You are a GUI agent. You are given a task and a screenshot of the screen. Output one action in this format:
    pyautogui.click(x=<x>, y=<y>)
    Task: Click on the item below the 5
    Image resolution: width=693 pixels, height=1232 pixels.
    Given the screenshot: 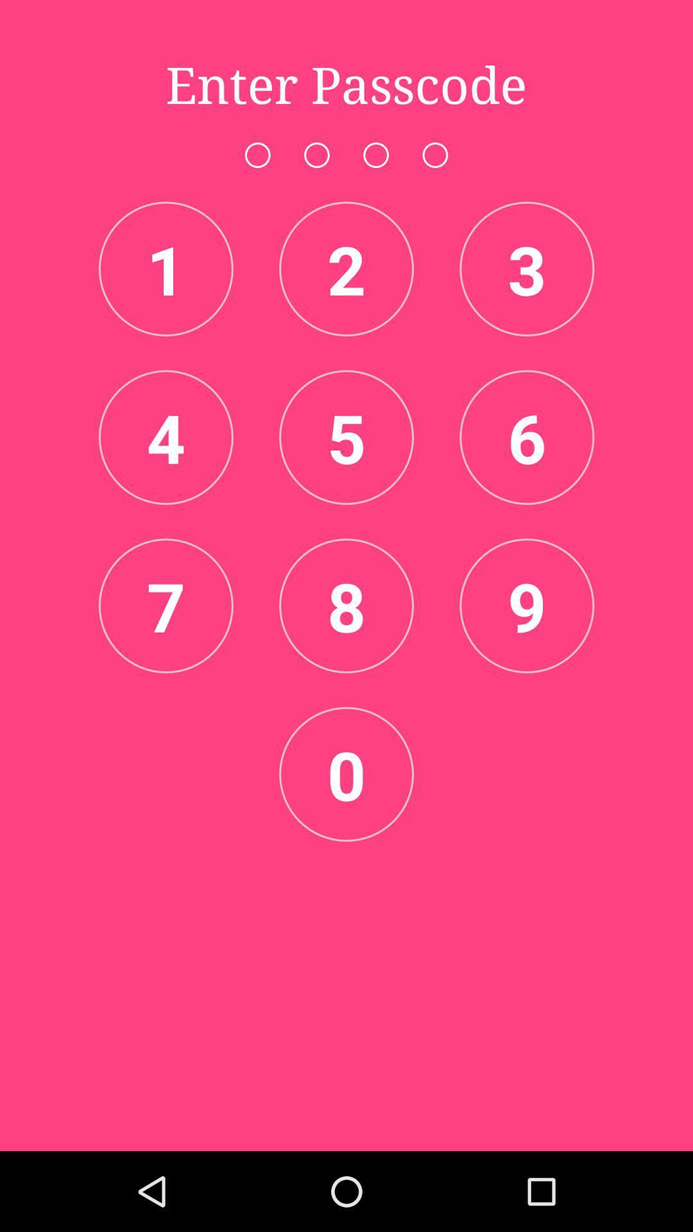 What is the action you would take?
    pyautogui.click(x=346, y=605)
    